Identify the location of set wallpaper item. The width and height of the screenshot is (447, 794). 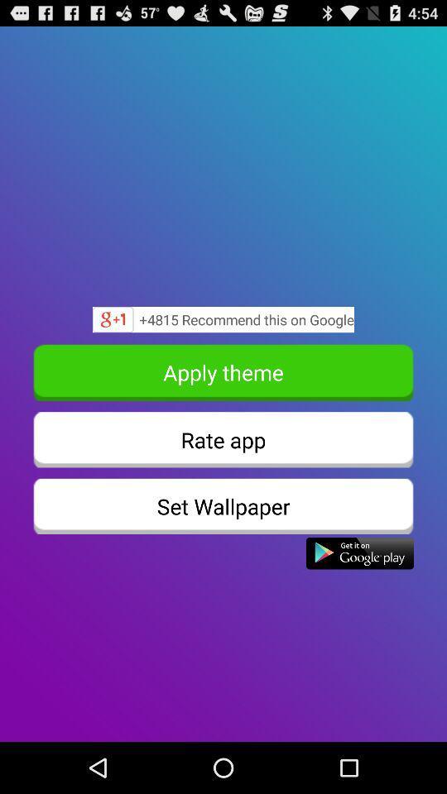
(223, 505).